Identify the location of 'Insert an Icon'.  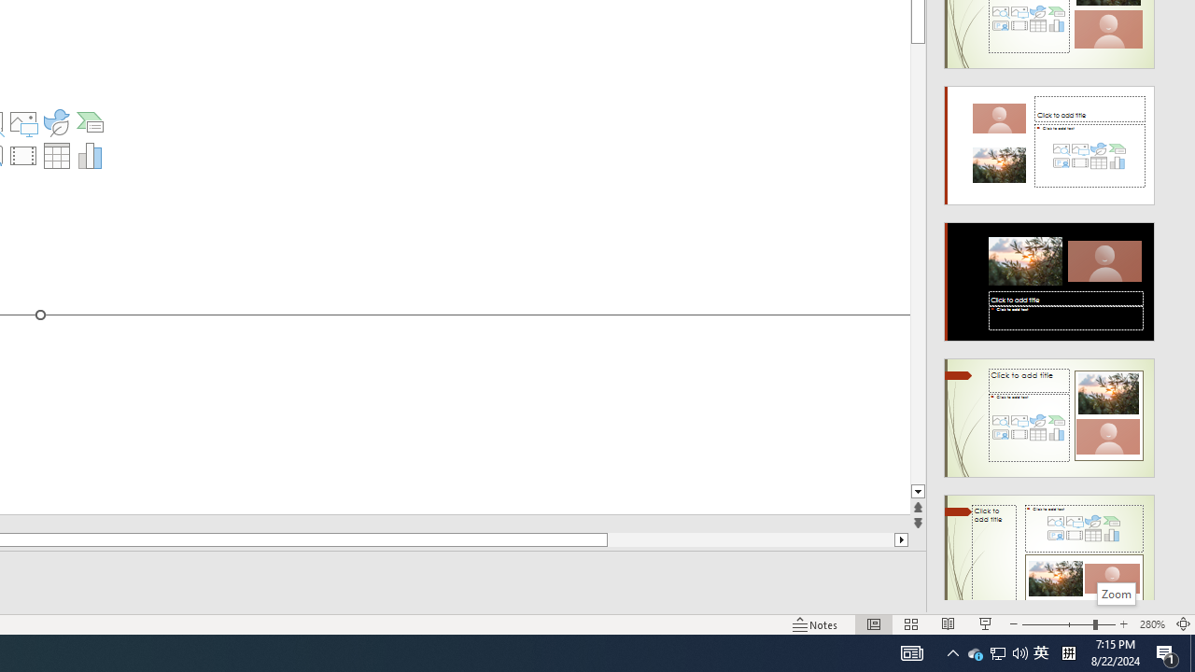
(56, 122).